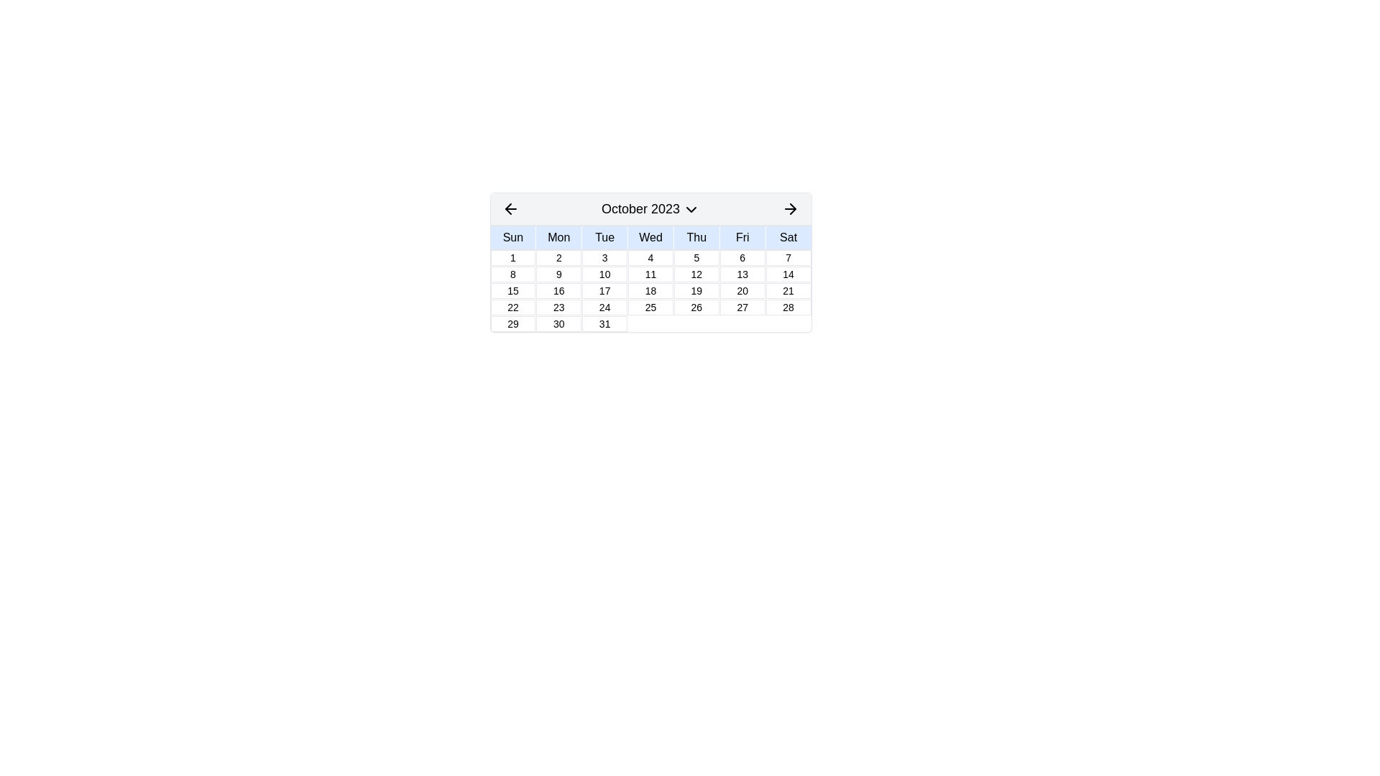  I want to click on the calendar day cell containing the digit '4', so click(650, 257).